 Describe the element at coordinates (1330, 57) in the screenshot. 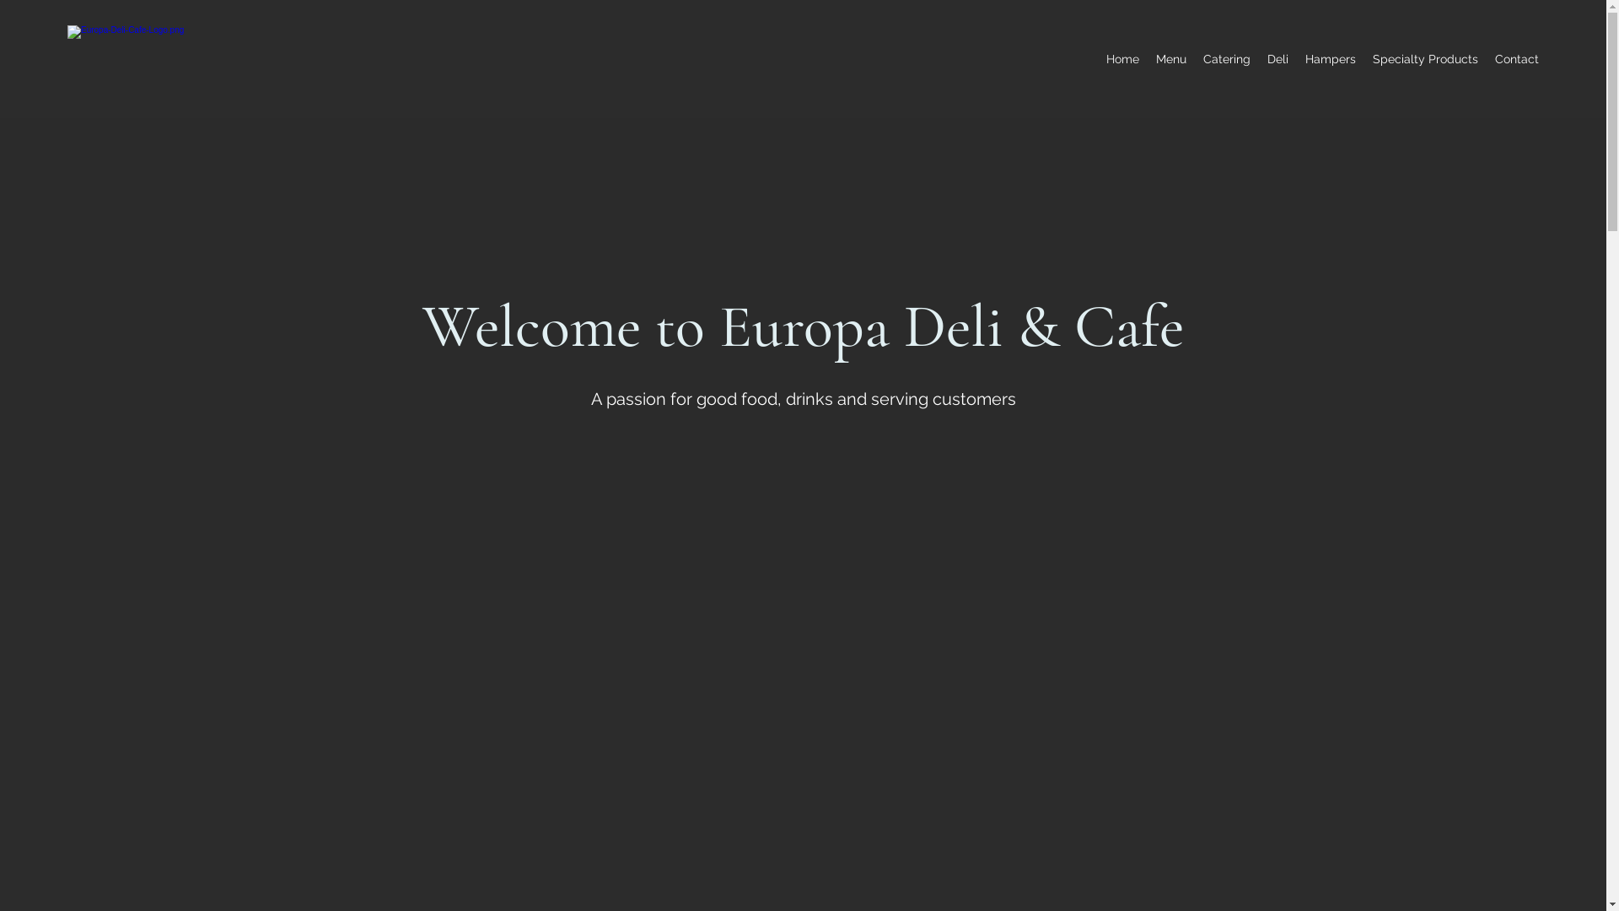

I see `'Hampers'` at that location.